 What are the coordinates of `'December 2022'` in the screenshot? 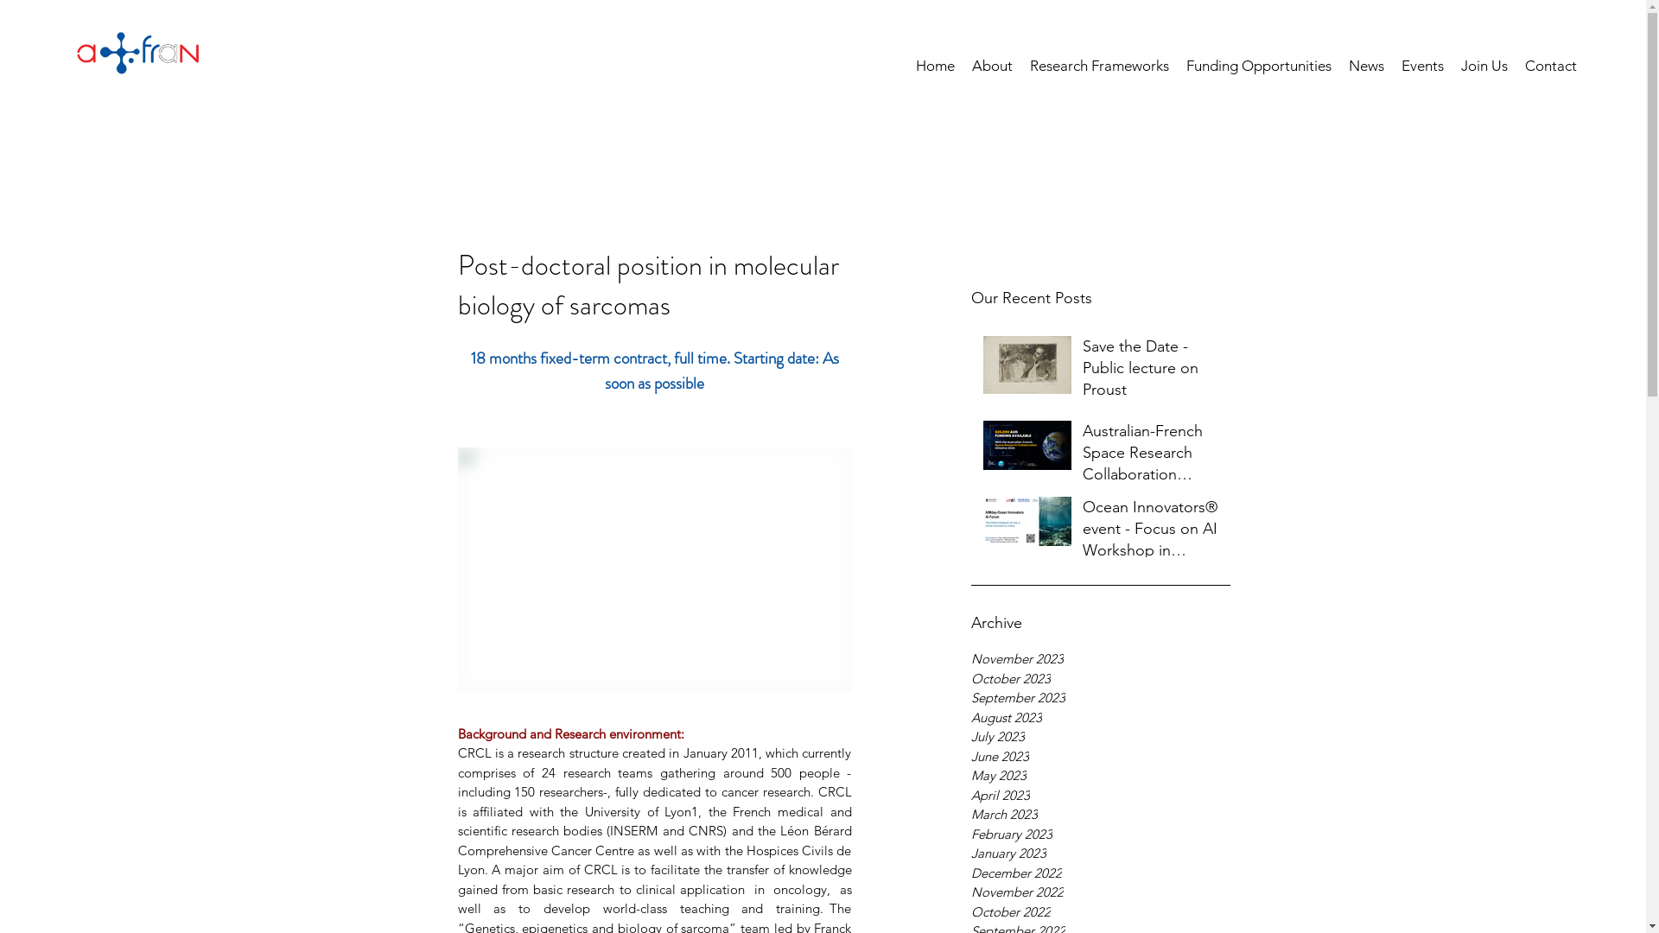 It's located at (1099, 873).